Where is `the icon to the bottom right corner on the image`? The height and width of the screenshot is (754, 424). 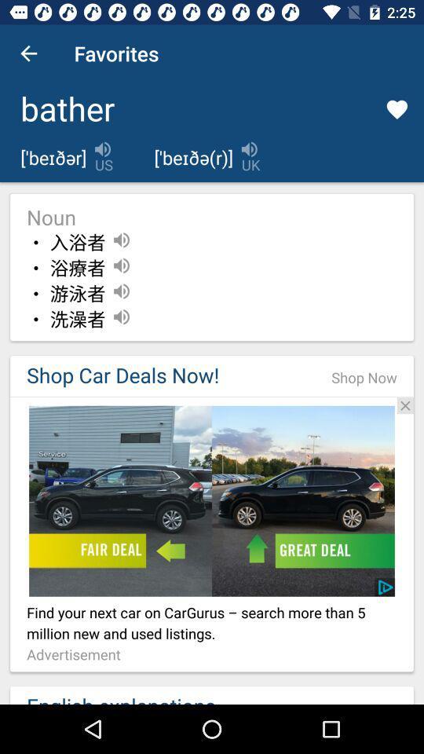 the icon to the bottom right corner on the image is located at coordinates (385, 587).